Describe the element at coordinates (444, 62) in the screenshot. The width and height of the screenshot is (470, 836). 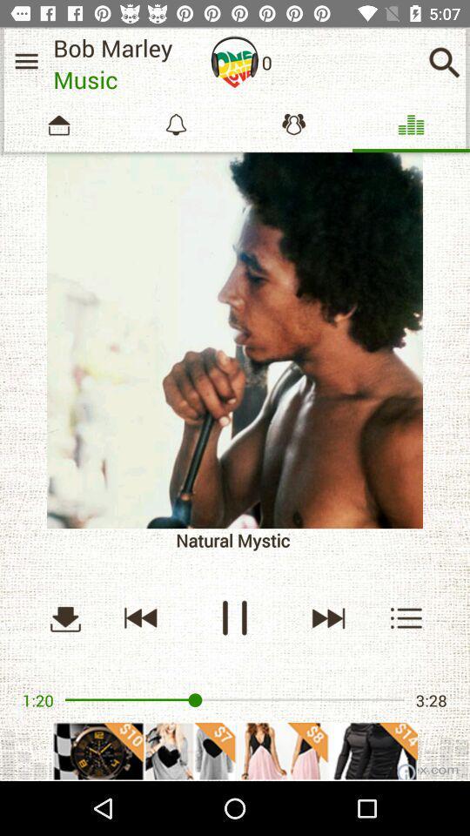
I see `search the songs` at that location.